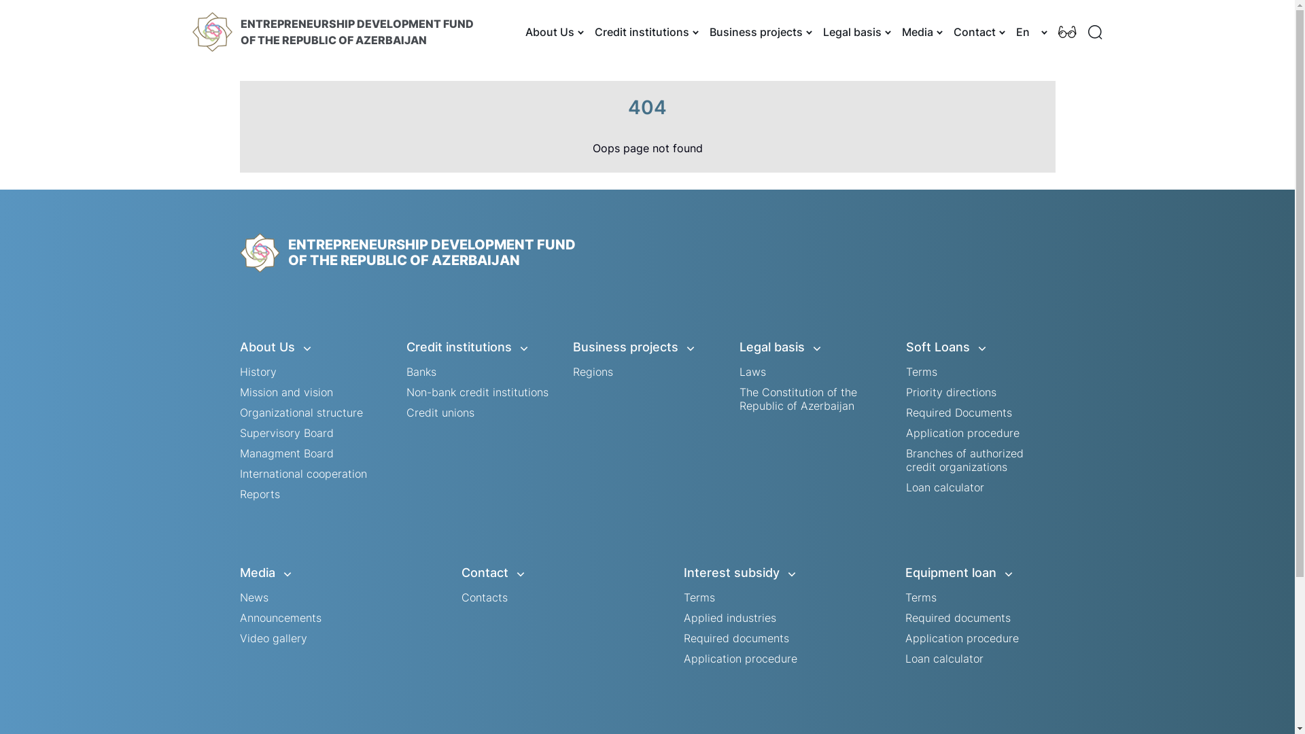 The height and width of the screenshot is (734, 1305). What do you see at coordinates (285, 453) in the screenshot?
I see `'Managment Board'` at bounding box center [285, 453].